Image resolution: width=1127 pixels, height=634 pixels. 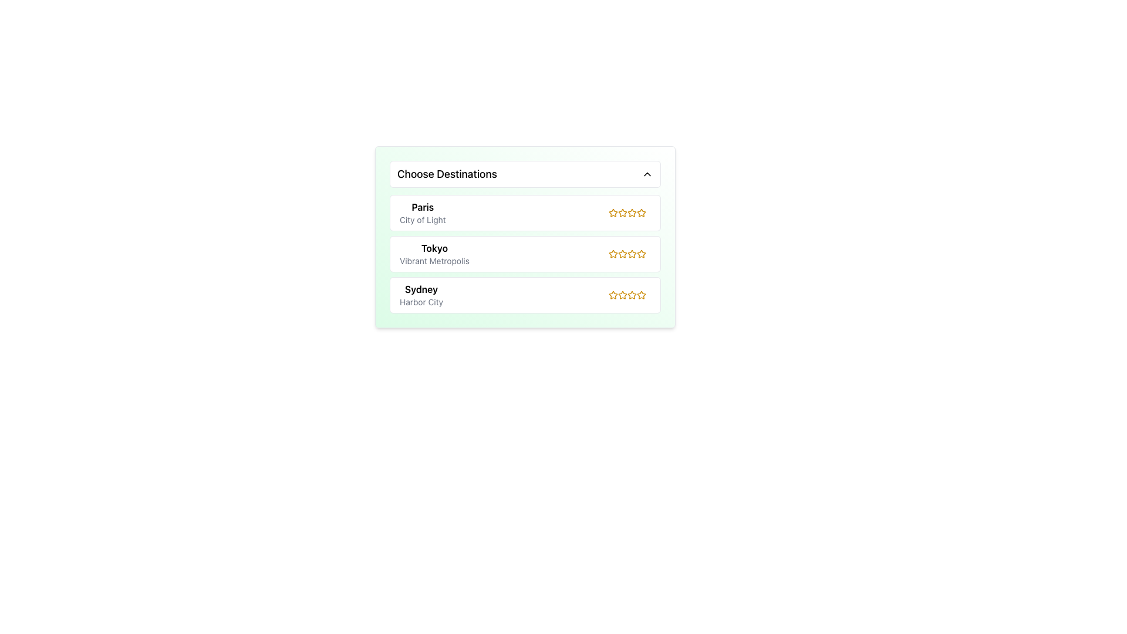 What do you see at coordinates (629, 253) in the screenshot?
I see `the third star of the rating indicator for 'Tokyo'` at bounding box center [629, 253].